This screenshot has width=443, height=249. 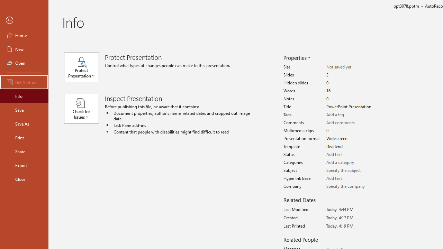 What do you see at coordinates (24, 96) in the screenshot?
I see `'Info'` at bounding box center [24, 96].